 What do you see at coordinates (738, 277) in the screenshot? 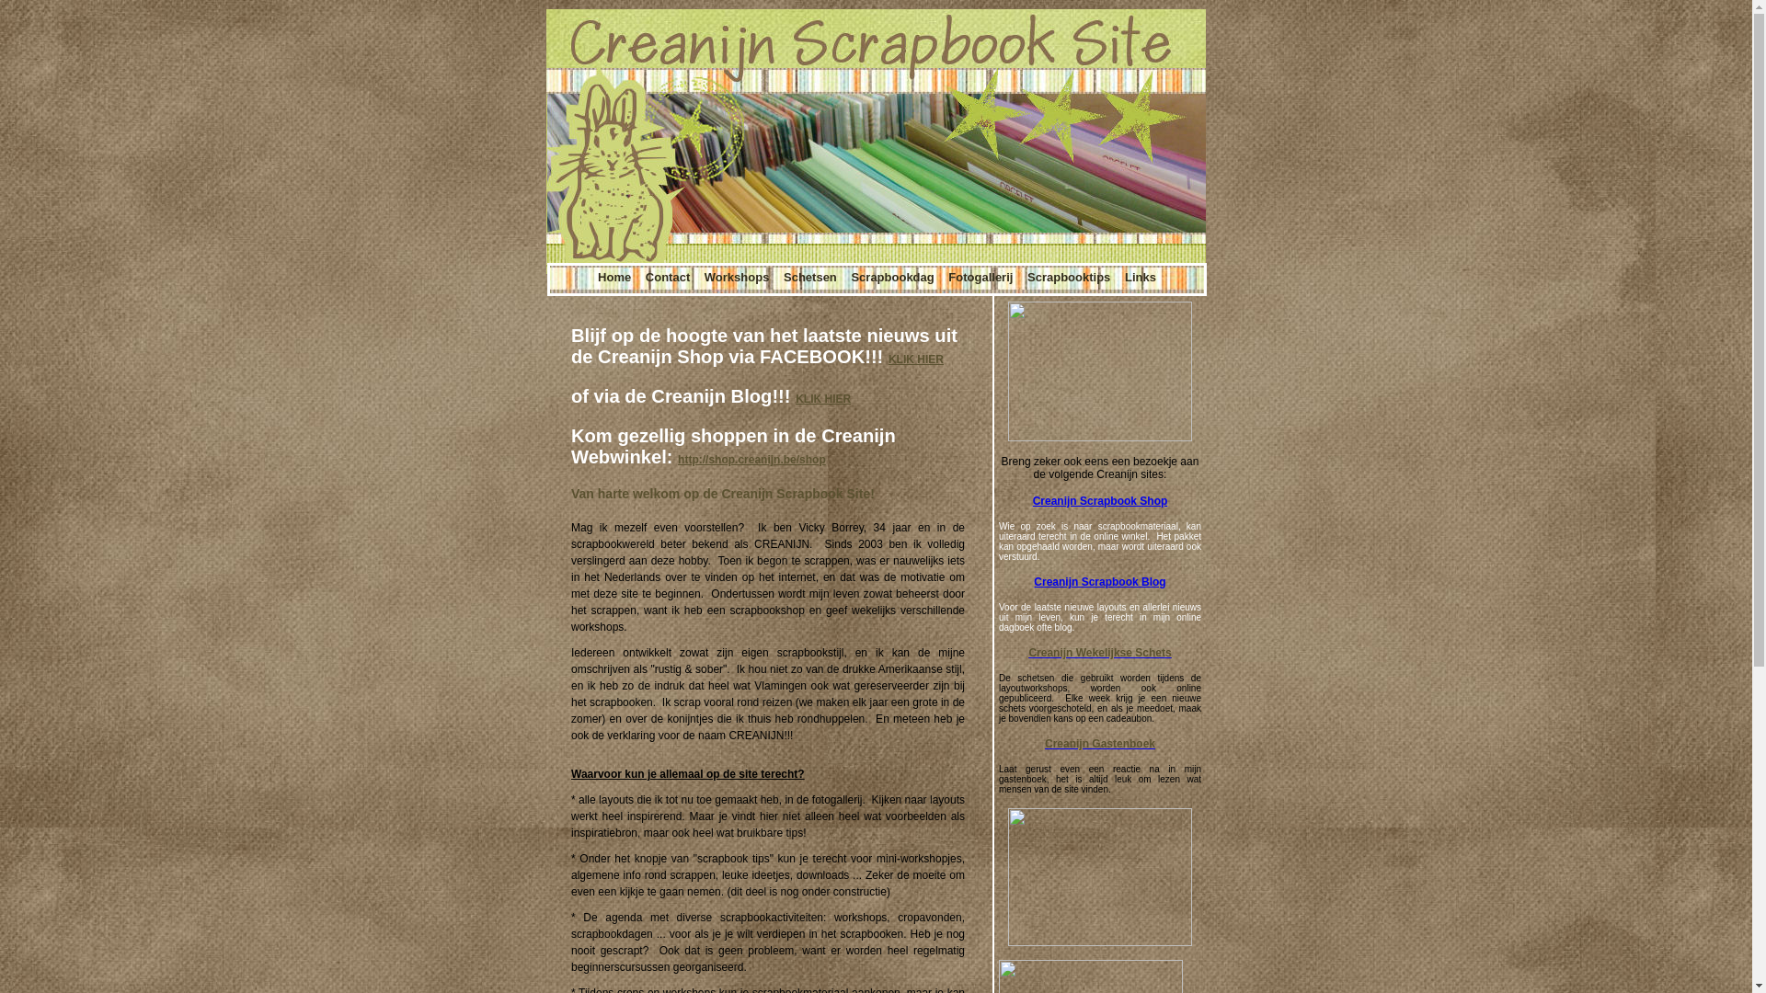
I see `'Workshops'` at bounding box center [738, 277].